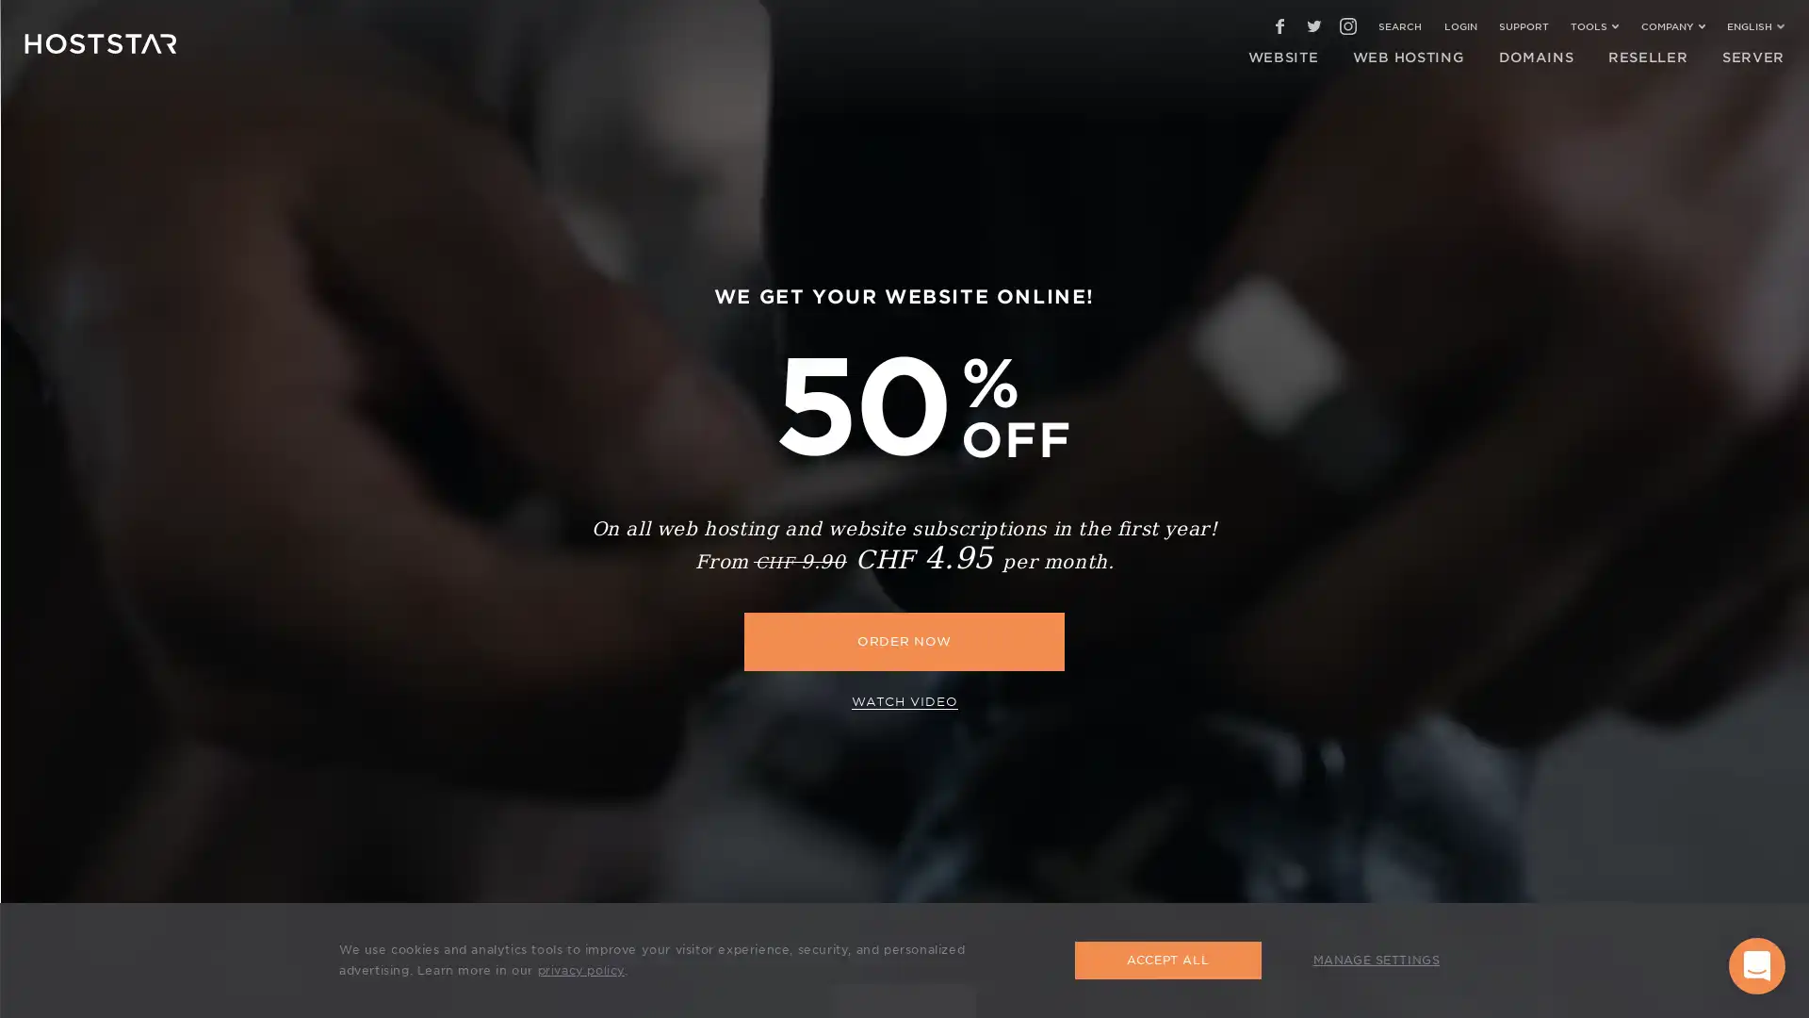  I want to click on Open Intercom Messenger, so click(1756, 966).